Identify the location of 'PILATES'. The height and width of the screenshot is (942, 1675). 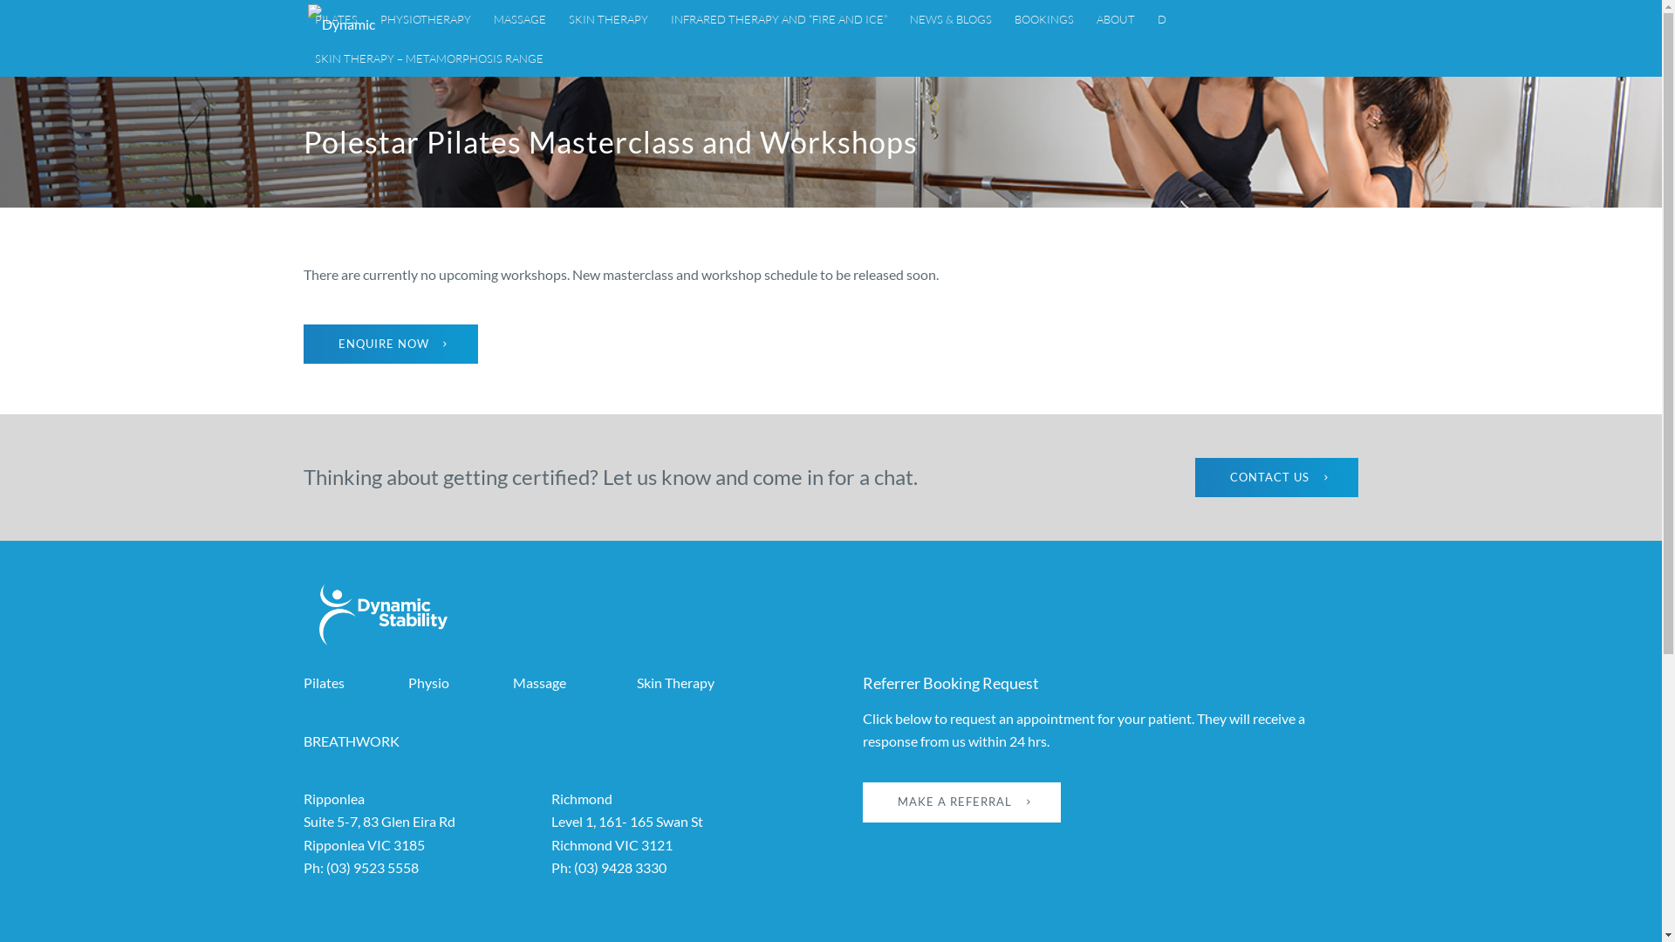
(336, 19).